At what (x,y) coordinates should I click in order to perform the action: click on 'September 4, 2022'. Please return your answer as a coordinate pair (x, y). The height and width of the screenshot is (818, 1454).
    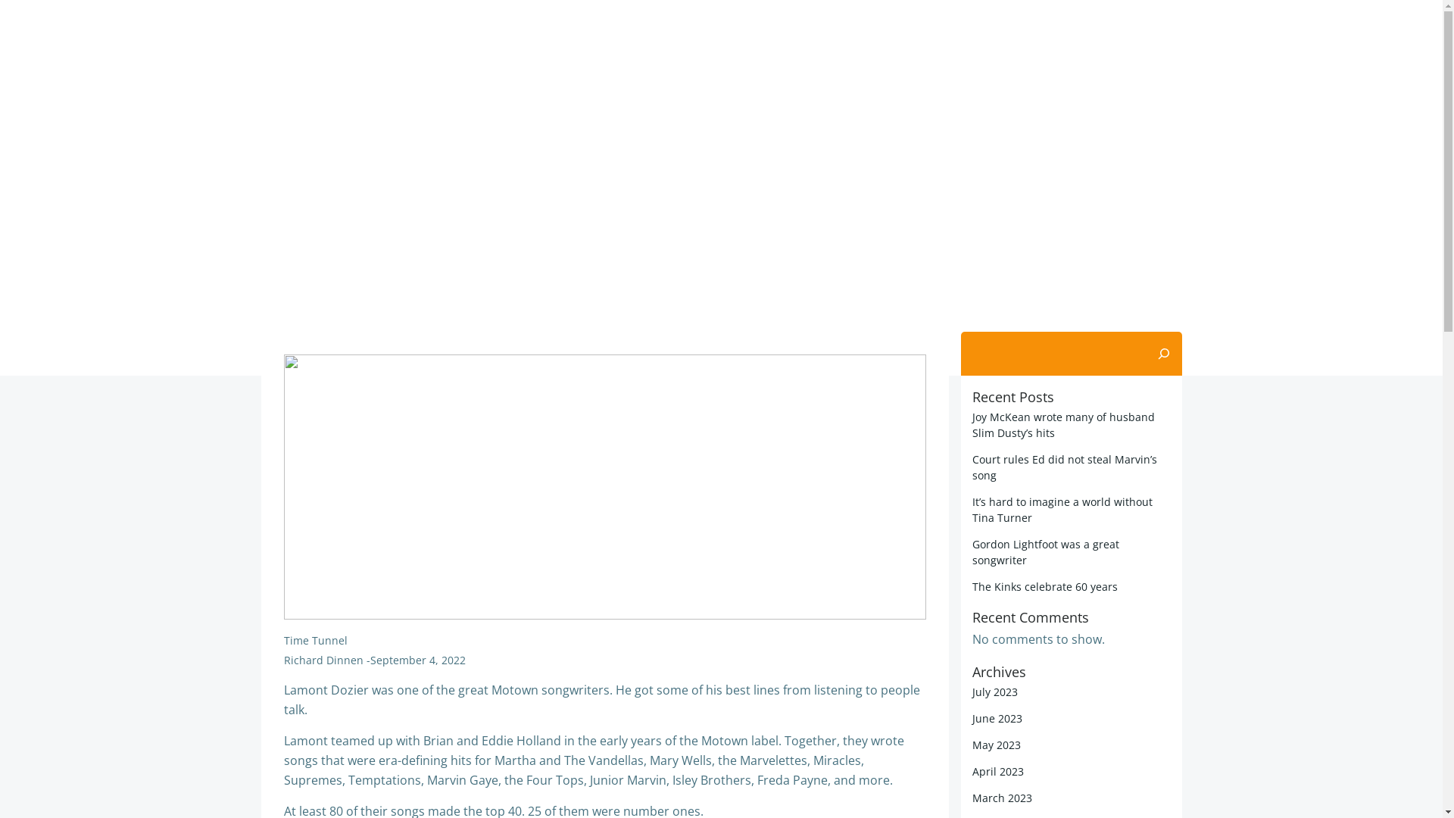
    Looking at the image, I should click on (417, 659).